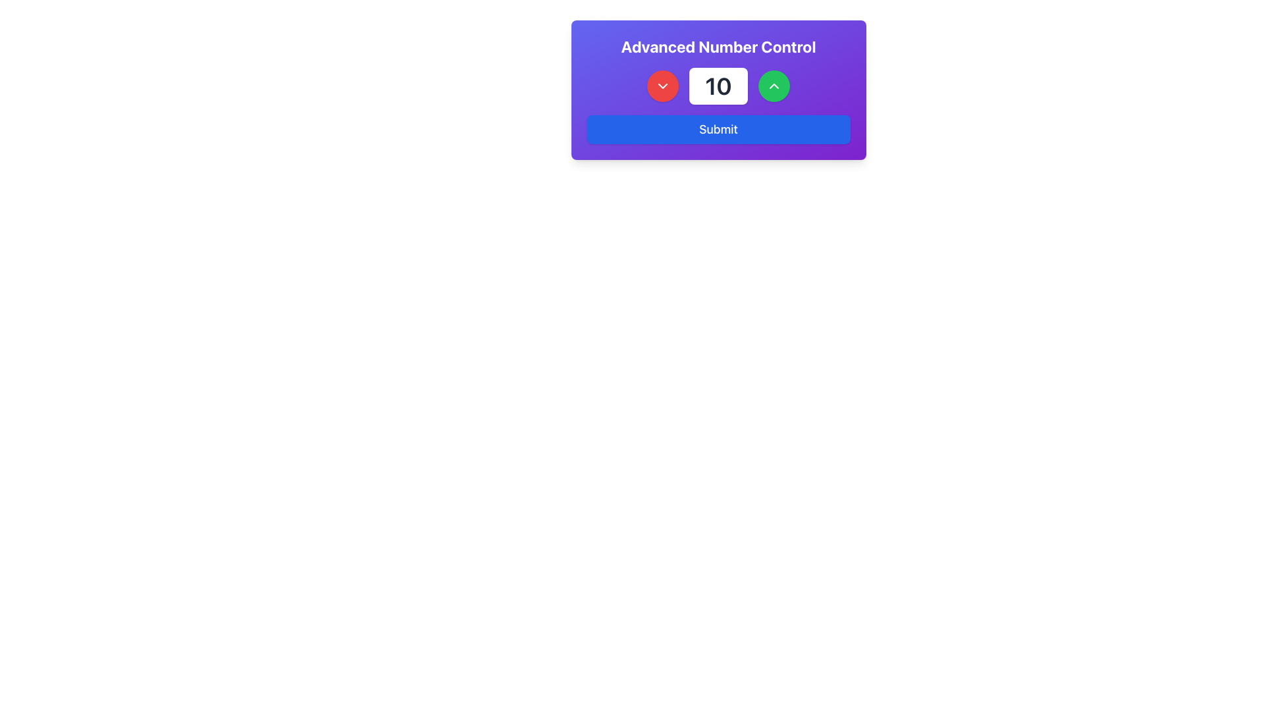  I want to click on the downward-pointing chevron icon with a red circular background, positioned to the left of the number input field in the advanced number control interface, to possibly see feedback, so click(663, 86).